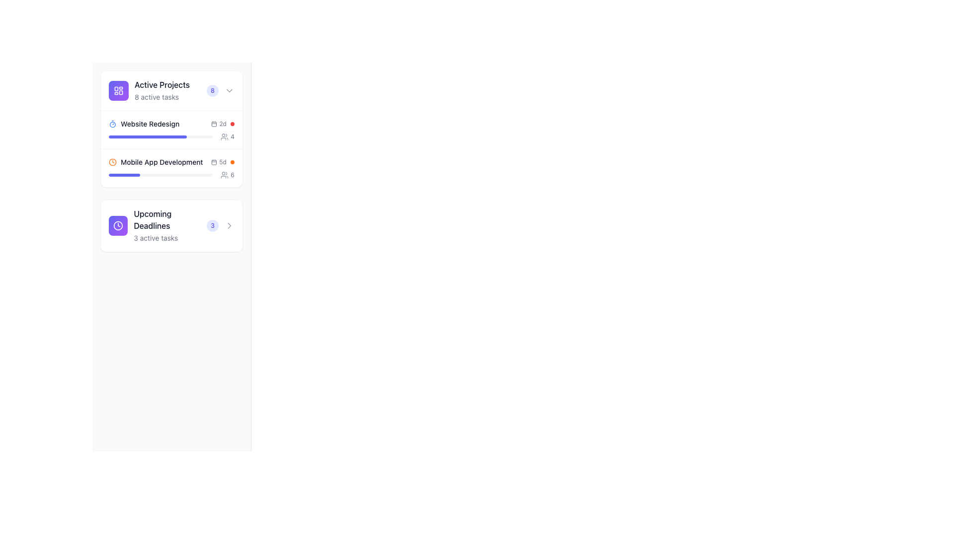  What do you see at coordinates (218, 162) in the screenshot?
I see `the Label with a small calendar icon displaying '5d' in muted gray color, located under the 'Mobile App Development' heading in the 'Active Projects' section` at bounding box center [218, 162].